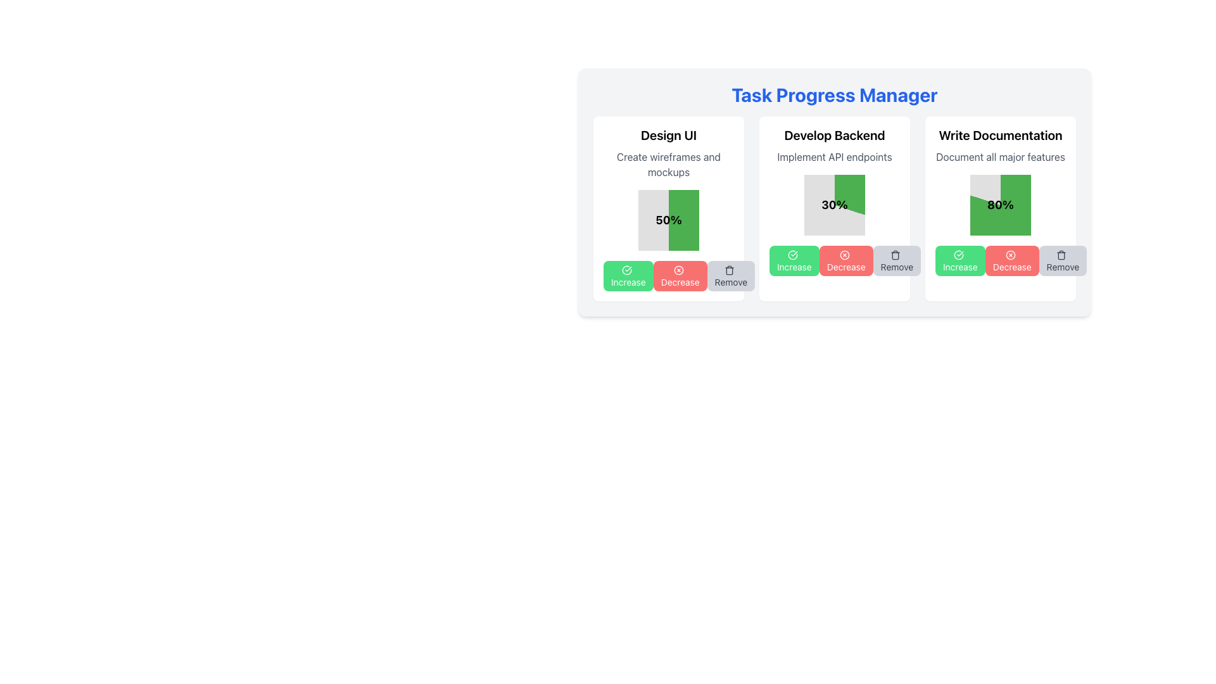 The height and width of the screenshot is (684, 1216). What do you see at coordinates (668, 219) in the screenshot?
I see `the bold, large-sized text displaying '50%' in black, located at the center of the graphical card labeled 'Design UI'` at bounding box center [668, 219].